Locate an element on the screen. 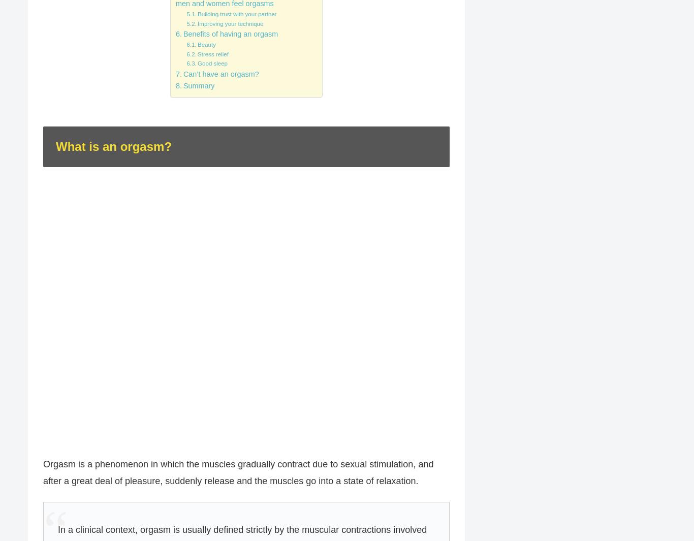 The height and width of the screenshot is (541, 694). 'Improving your technique' is located at coordinates (230, 23).